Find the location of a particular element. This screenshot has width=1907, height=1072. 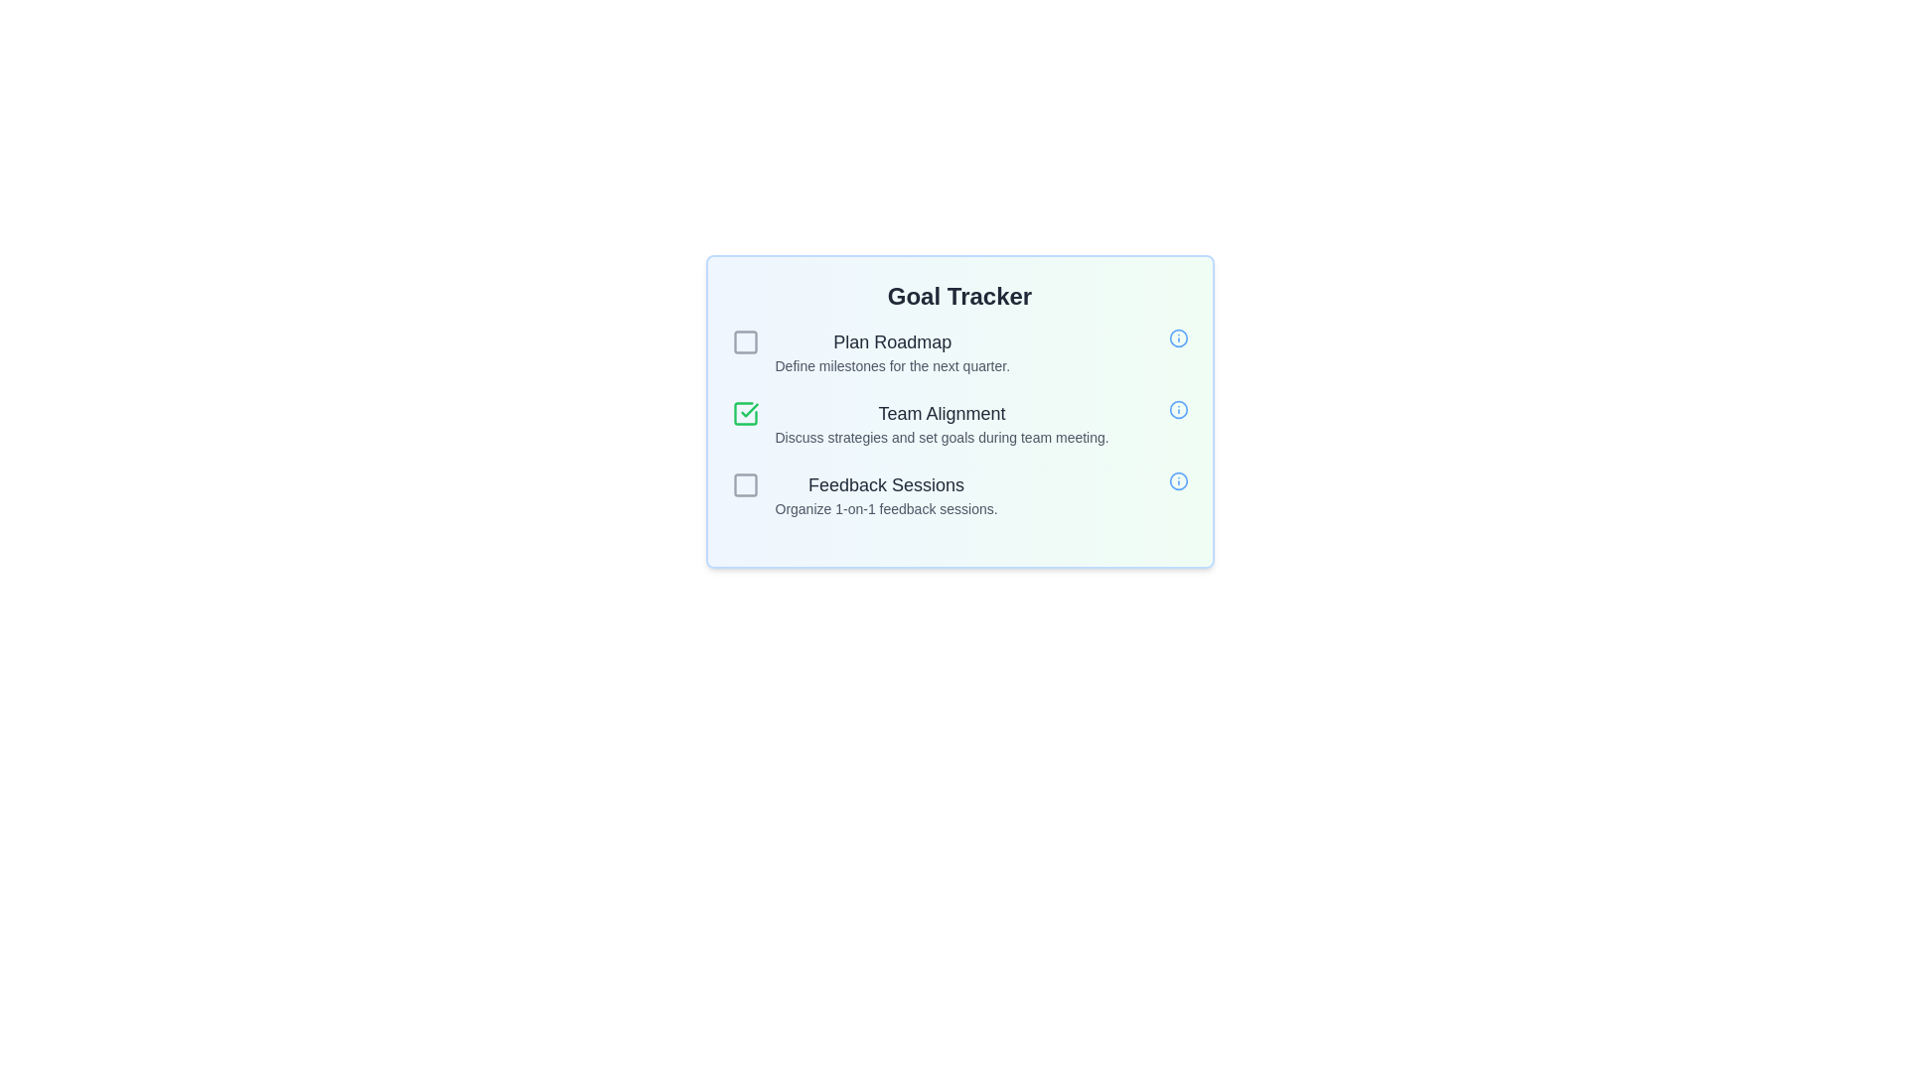

the 'Team Alignment' text label which is styled with a large font size and dark gray color, positioned under the 'Goal Tracker' header is located at coordinates (941, 412).